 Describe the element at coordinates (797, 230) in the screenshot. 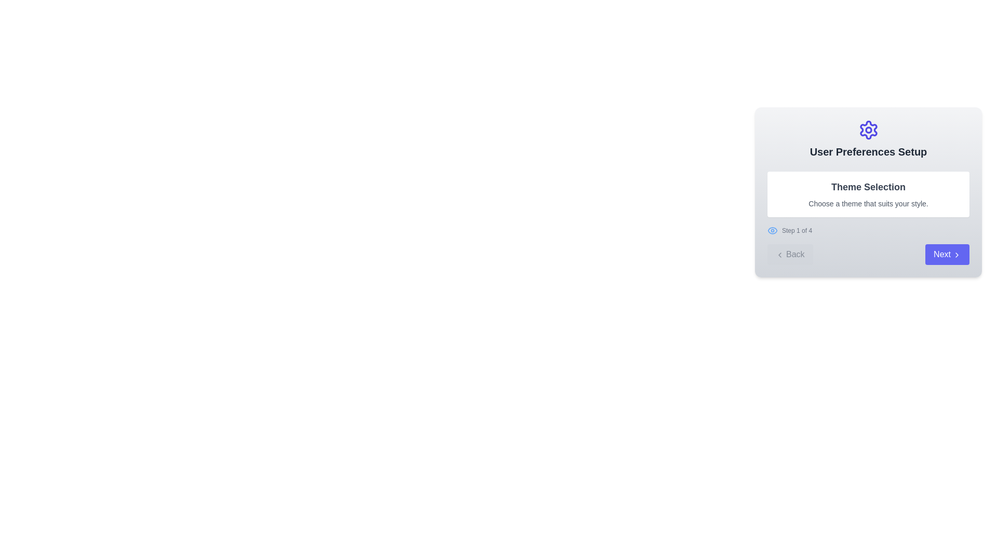

I see `the label displaying 'Step 1 of 4', which is styled with gray color and is positioned to the right of a blue eye icon within the 'User Preferences Setup' box` at that location.